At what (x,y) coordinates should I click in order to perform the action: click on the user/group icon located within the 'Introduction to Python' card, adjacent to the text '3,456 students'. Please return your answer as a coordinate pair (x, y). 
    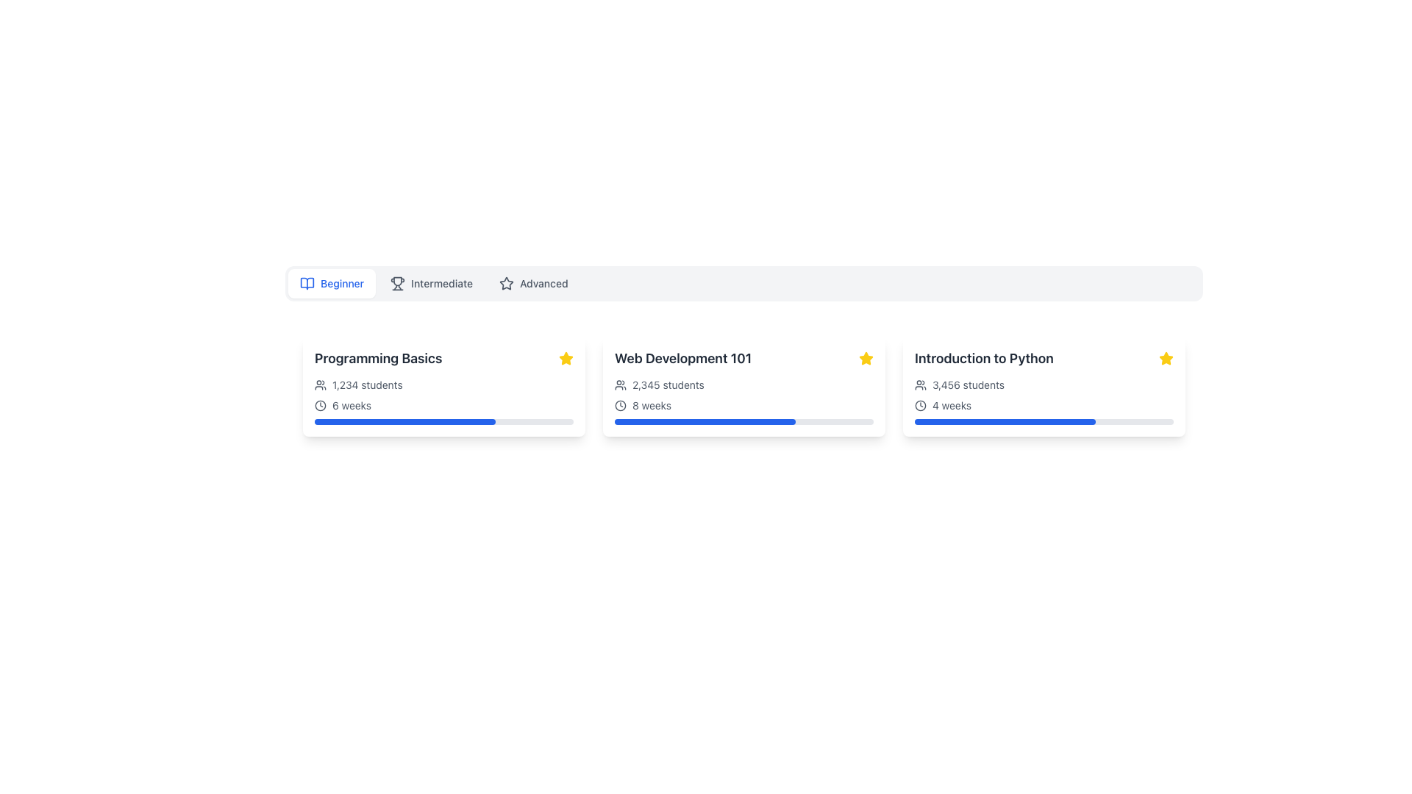
    Looking at the image, I should click on (920, 385).